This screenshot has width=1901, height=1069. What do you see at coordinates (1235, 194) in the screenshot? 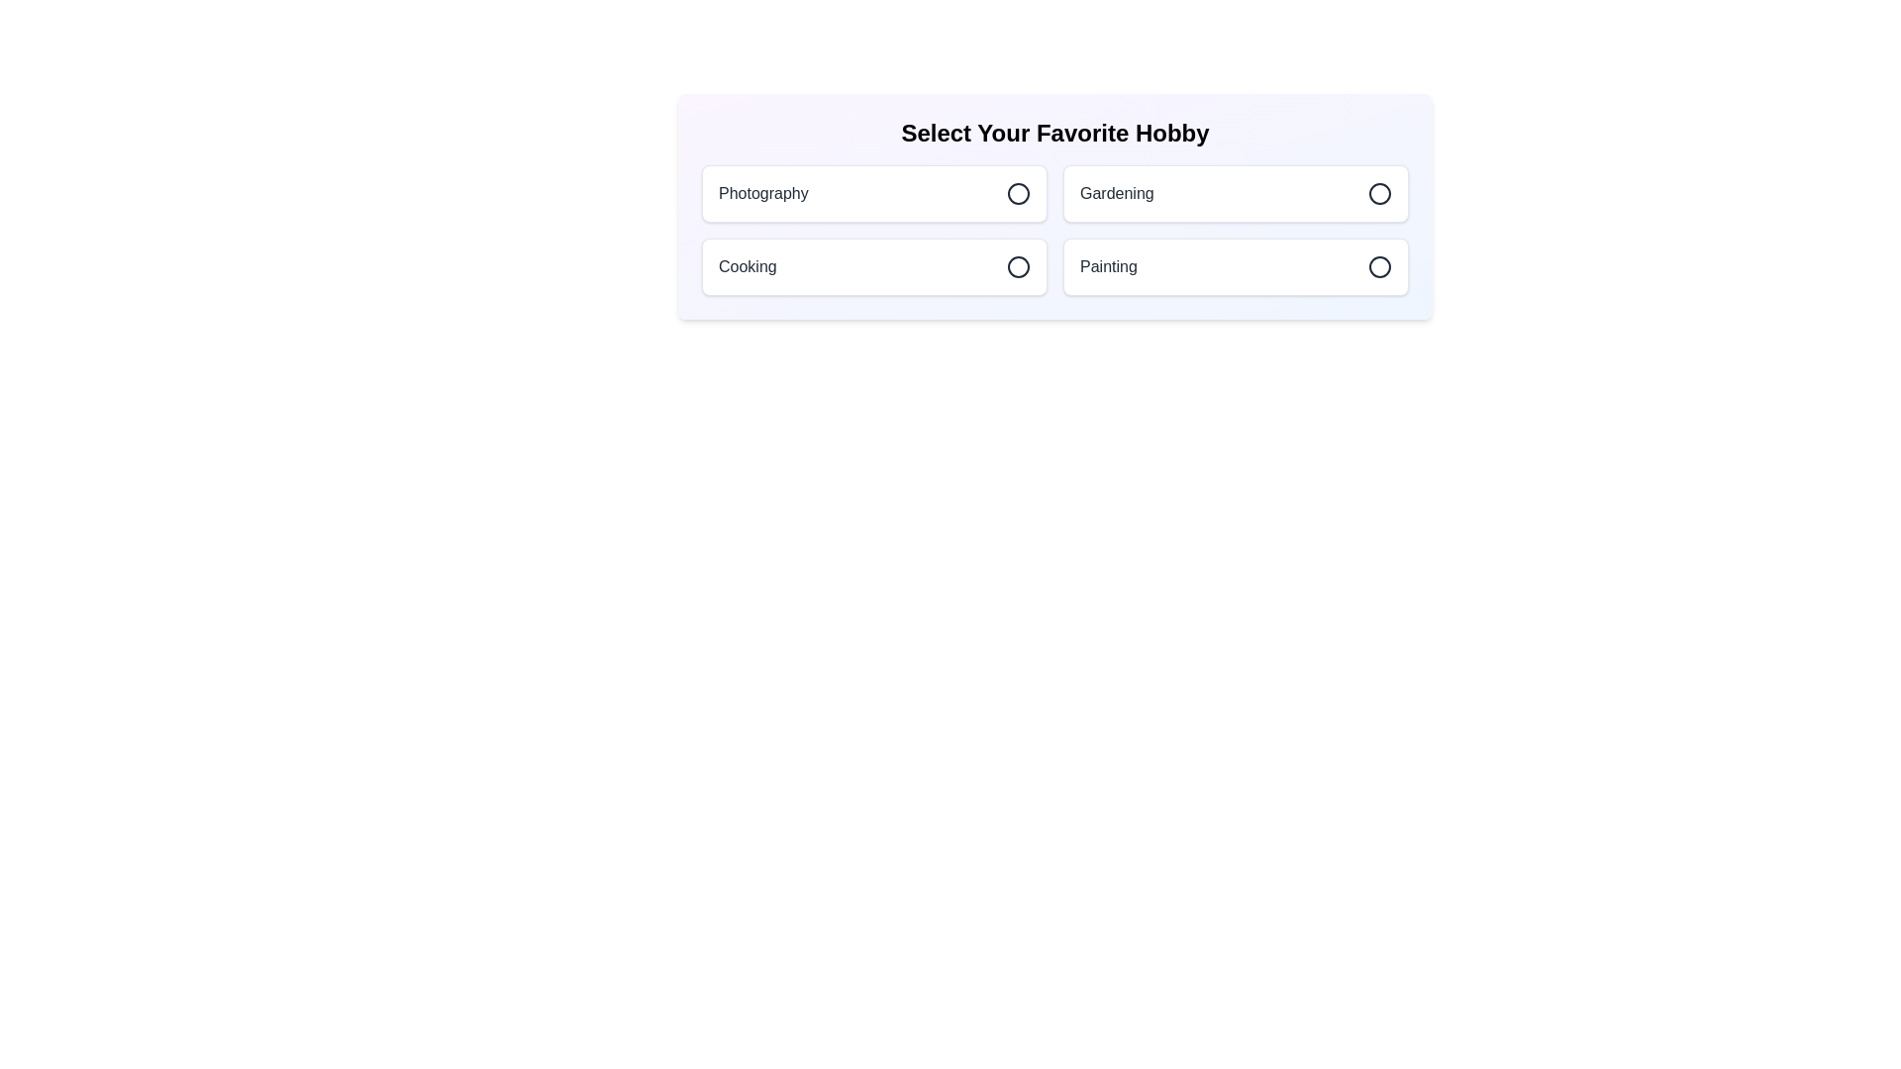
I see `the 'Gardening' selectable option with a radio button` at bounding box center [1235, 194].